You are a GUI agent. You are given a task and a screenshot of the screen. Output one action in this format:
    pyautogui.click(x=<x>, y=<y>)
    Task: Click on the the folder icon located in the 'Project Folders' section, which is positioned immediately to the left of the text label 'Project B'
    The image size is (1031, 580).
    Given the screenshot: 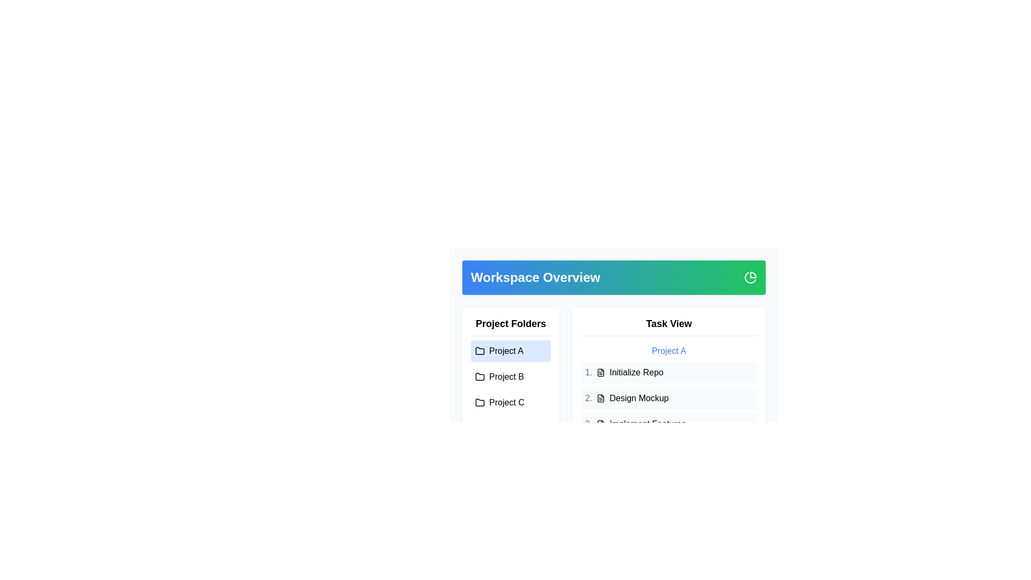 What is the action you would take?
    pyautogui.click(x=479, y=376)
    